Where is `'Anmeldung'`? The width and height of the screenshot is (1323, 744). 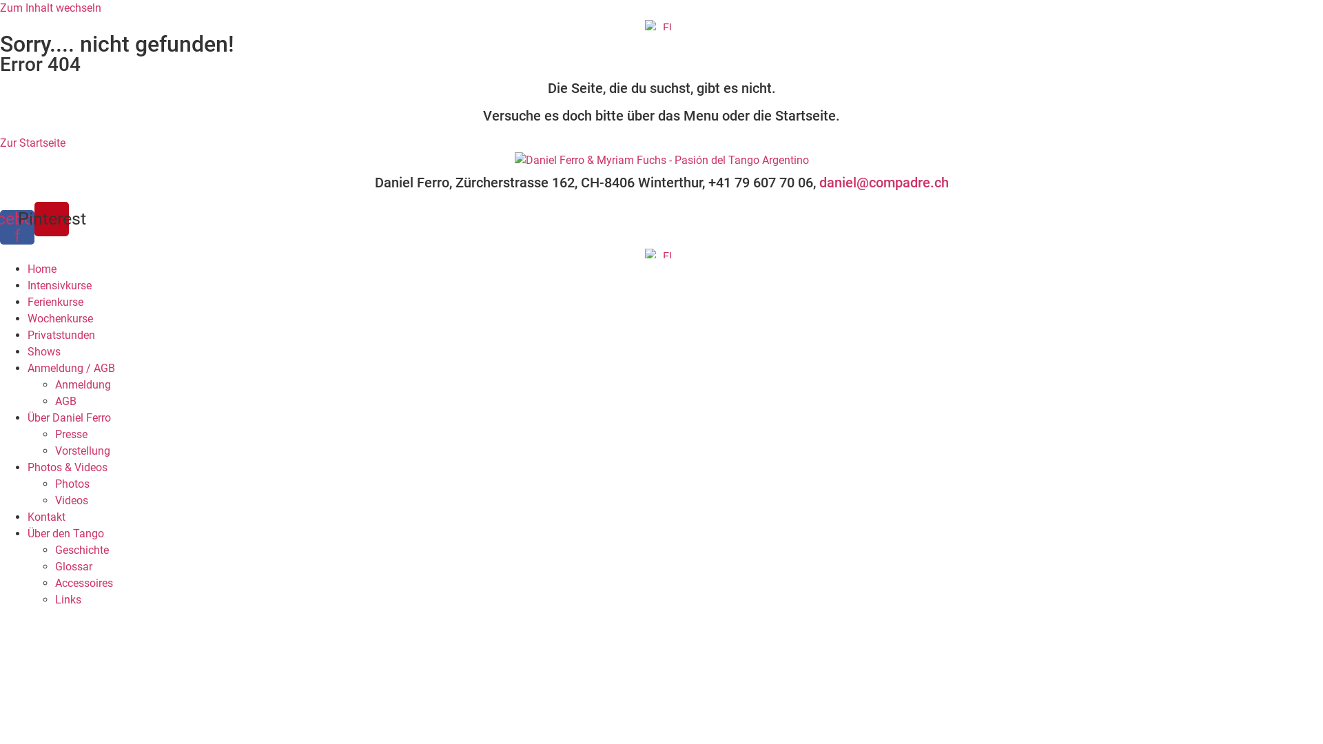 'Anmeldung' is located at coordinates (55, 384).